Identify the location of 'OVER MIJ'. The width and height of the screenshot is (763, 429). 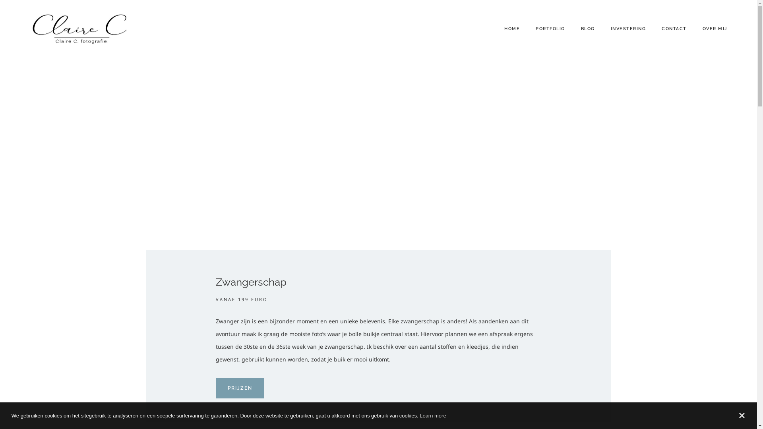
(715, 29).